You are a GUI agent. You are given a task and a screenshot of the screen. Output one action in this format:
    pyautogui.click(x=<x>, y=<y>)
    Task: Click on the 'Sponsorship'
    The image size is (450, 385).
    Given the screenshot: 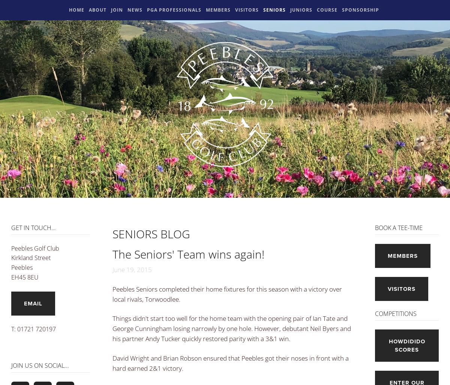 What is the action you would take?
    pyautogui.click(x=342, y=10)
    